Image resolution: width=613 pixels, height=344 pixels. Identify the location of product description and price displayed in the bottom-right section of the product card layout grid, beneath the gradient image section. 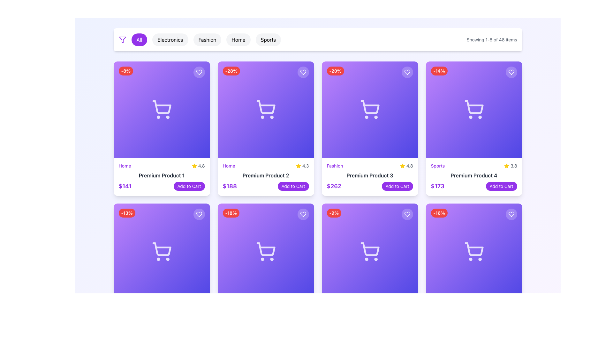
(162, 319).